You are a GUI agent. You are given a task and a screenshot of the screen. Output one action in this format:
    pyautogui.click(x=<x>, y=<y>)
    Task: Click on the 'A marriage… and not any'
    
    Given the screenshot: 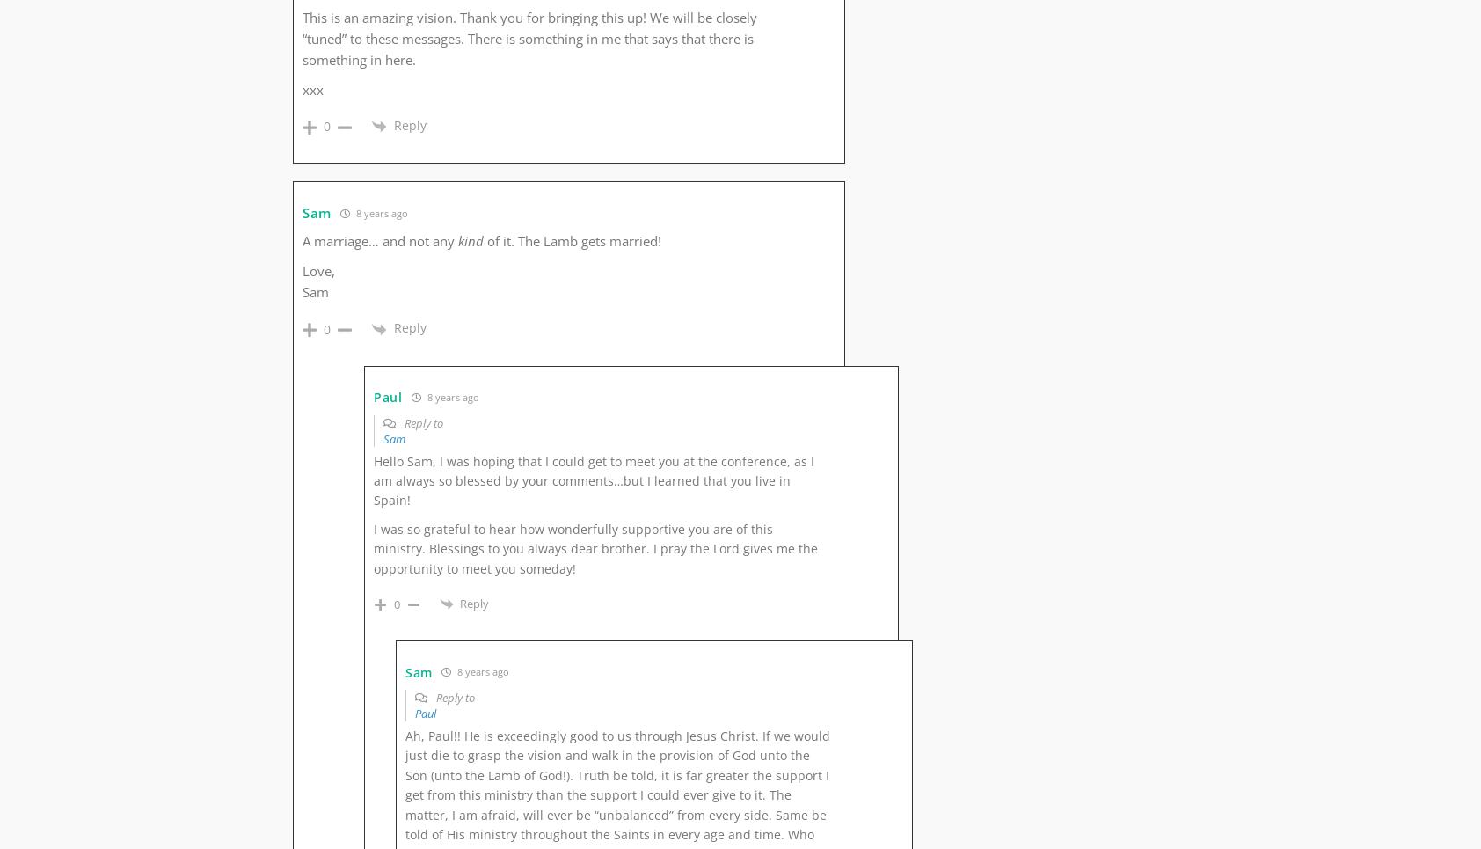 What is the action you would take?
    pyautogui.click(x=303, y=240)
    